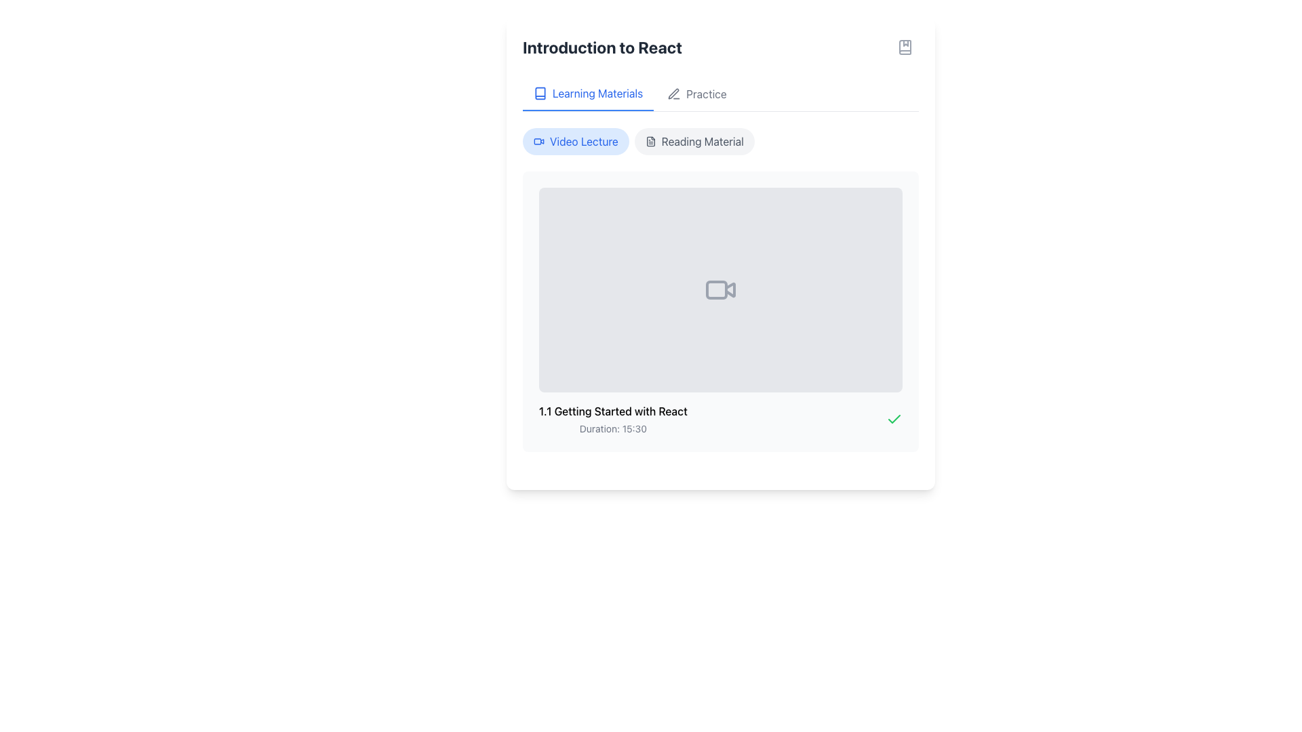 The height and width of the screenshot is (732, 1302). I want to click on the navigational text label for accessing learning materials by activating keyboard navigation, so click(597, 93).